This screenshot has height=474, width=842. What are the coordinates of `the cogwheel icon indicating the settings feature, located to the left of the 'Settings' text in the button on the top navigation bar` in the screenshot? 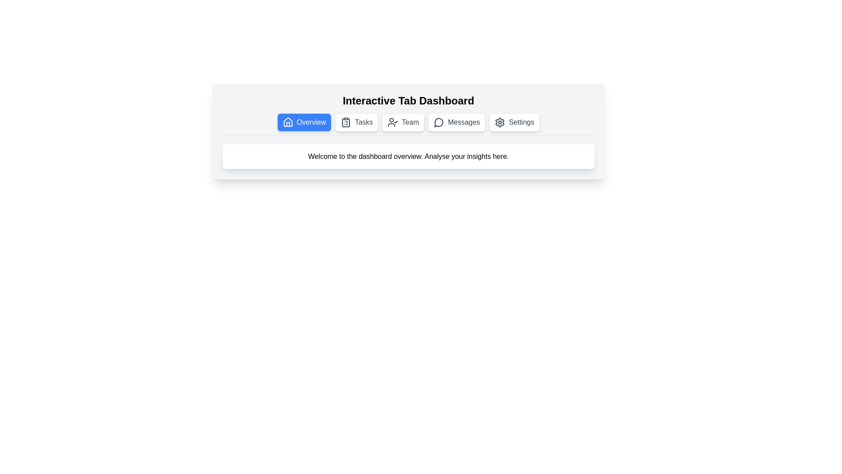 It's located at (500, 122).